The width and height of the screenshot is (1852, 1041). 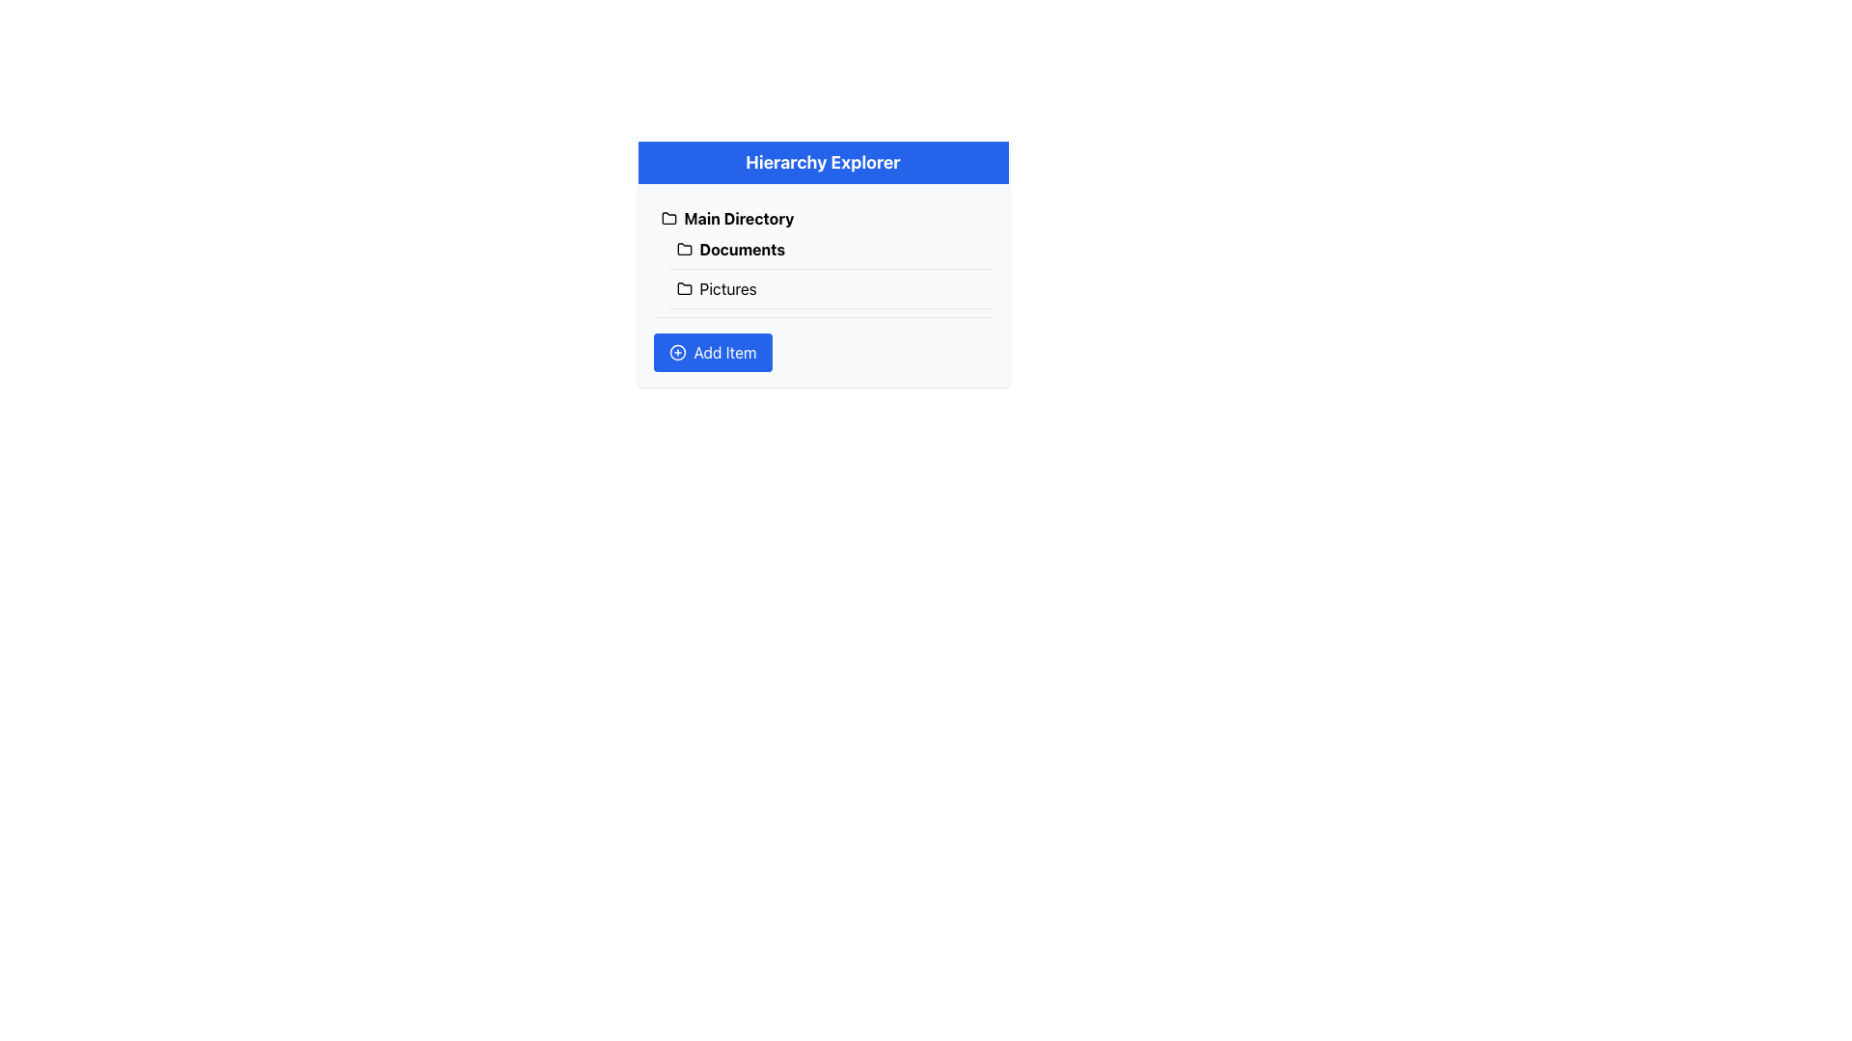 I want to click on the Circular graphical icon located within the 'Add Item' button, which is positioned below the directory structure in the interface, so click(x=677, y=353).